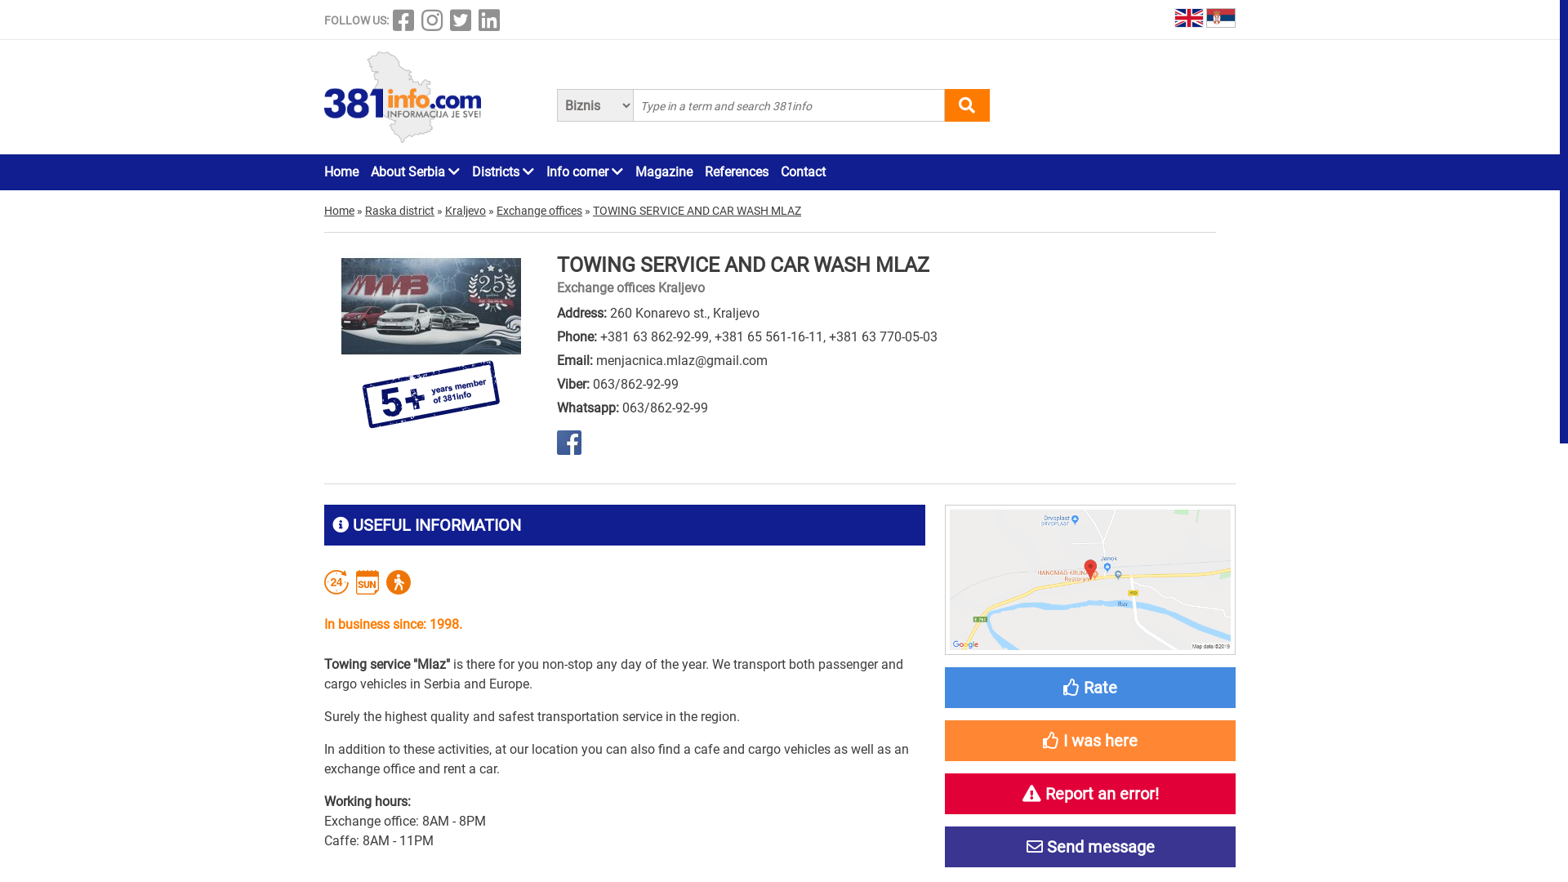 Image resolution: width=1568 pixels, height=882 pixels. Describe the element at coordinates (324, 172) in the screenshot. I see `'Home'` at that location.